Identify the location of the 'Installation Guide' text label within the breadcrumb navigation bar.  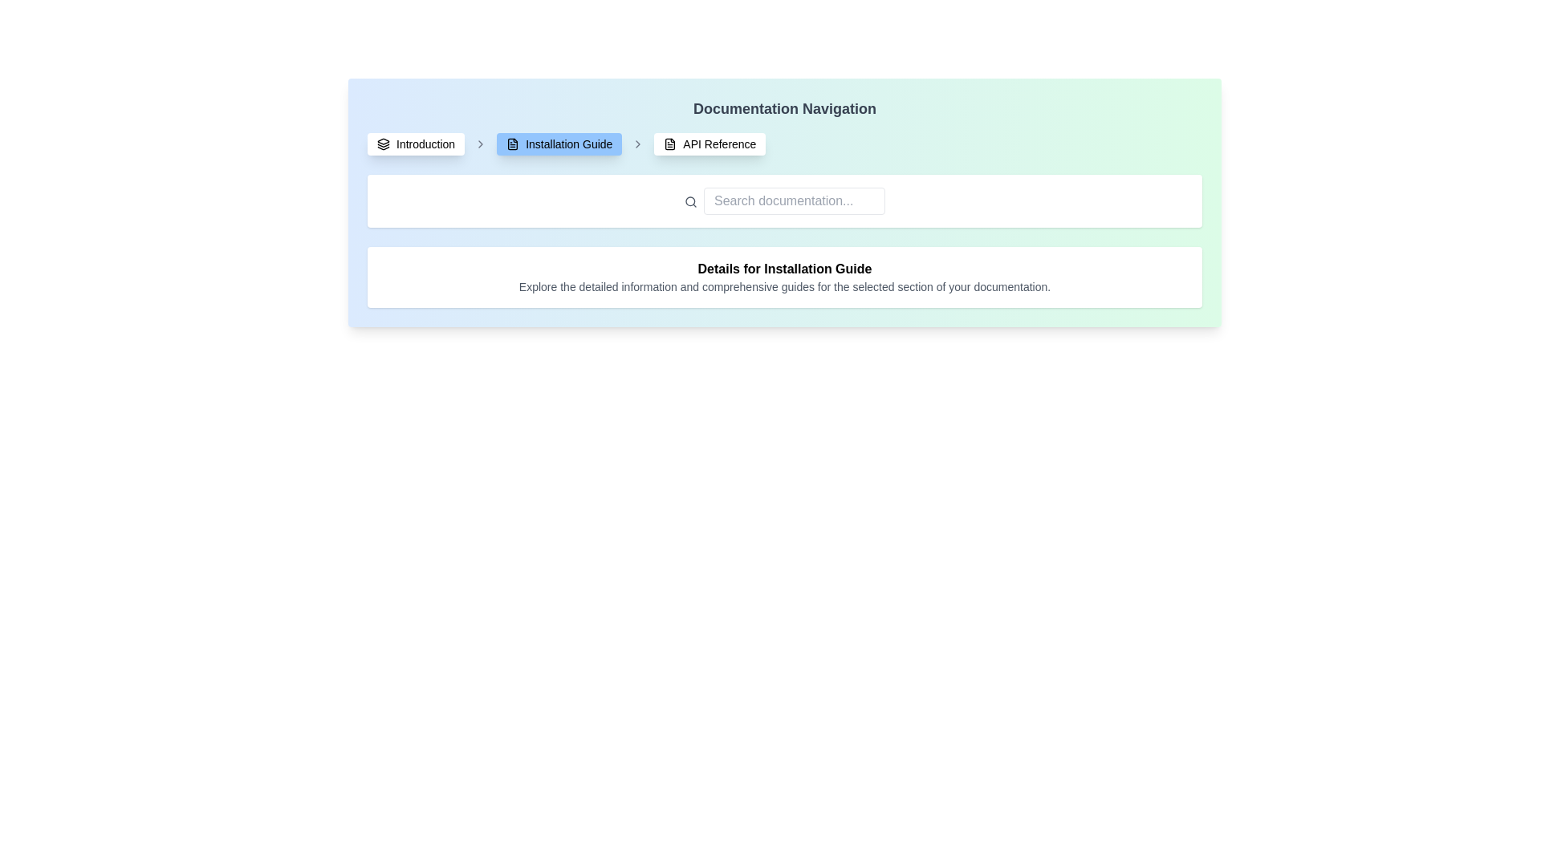
(569, 144).